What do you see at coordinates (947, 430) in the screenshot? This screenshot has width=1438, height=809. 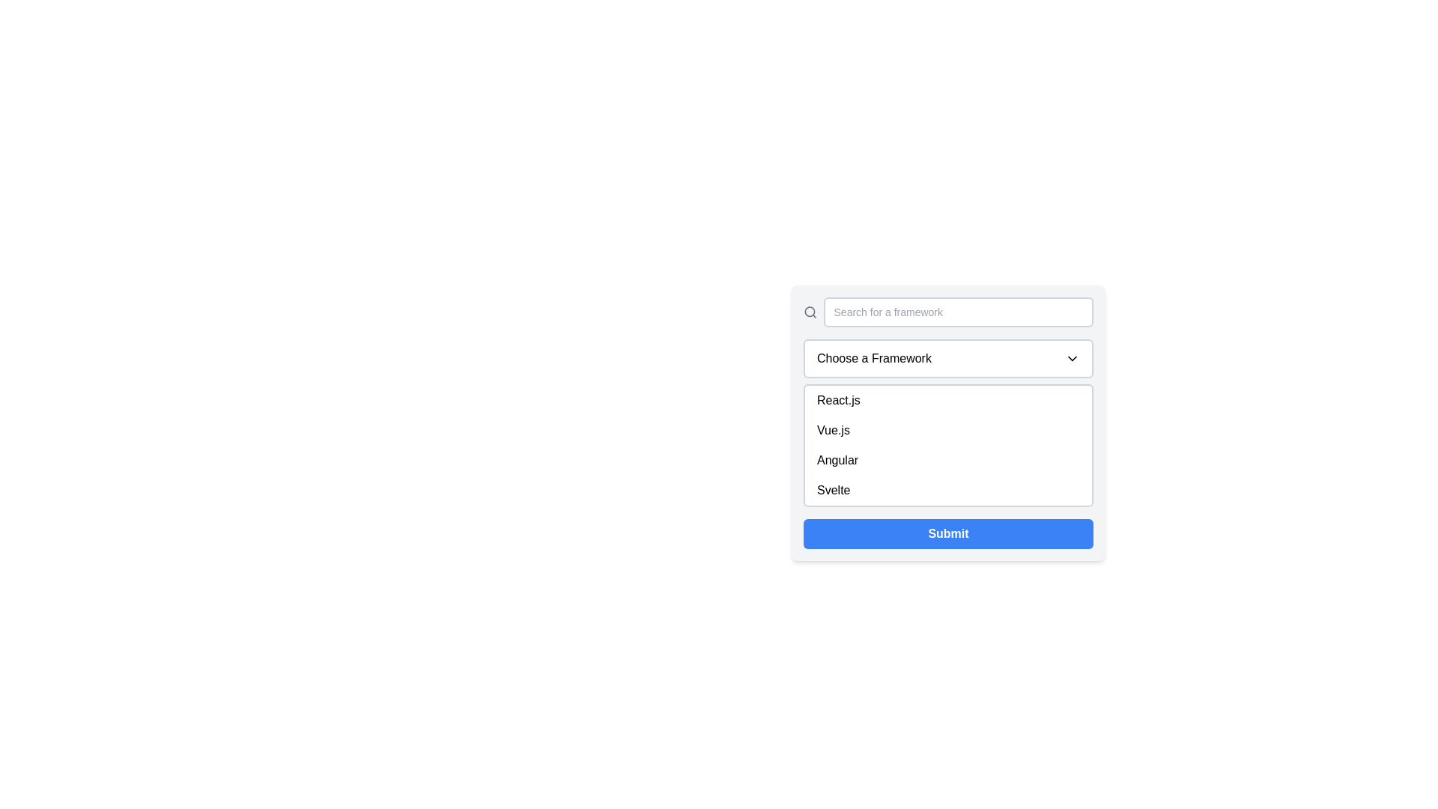 I see `the second item in the dropdown list labeled 'Vue.js'` at bounding box center [947, 430].